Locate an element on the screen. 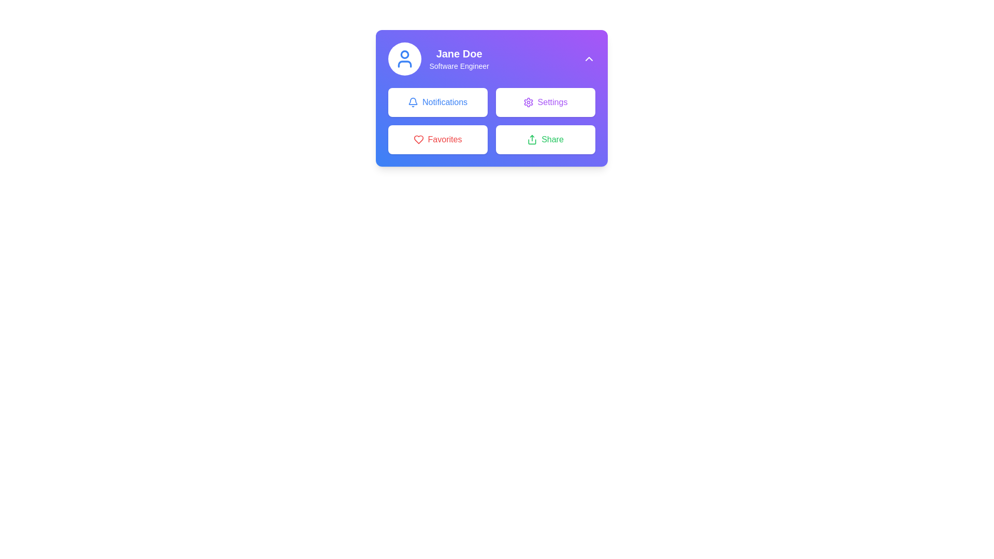  the 'Share' text label located inside the button at the bottom-right corner of the card is located at coordinates (552, 140).